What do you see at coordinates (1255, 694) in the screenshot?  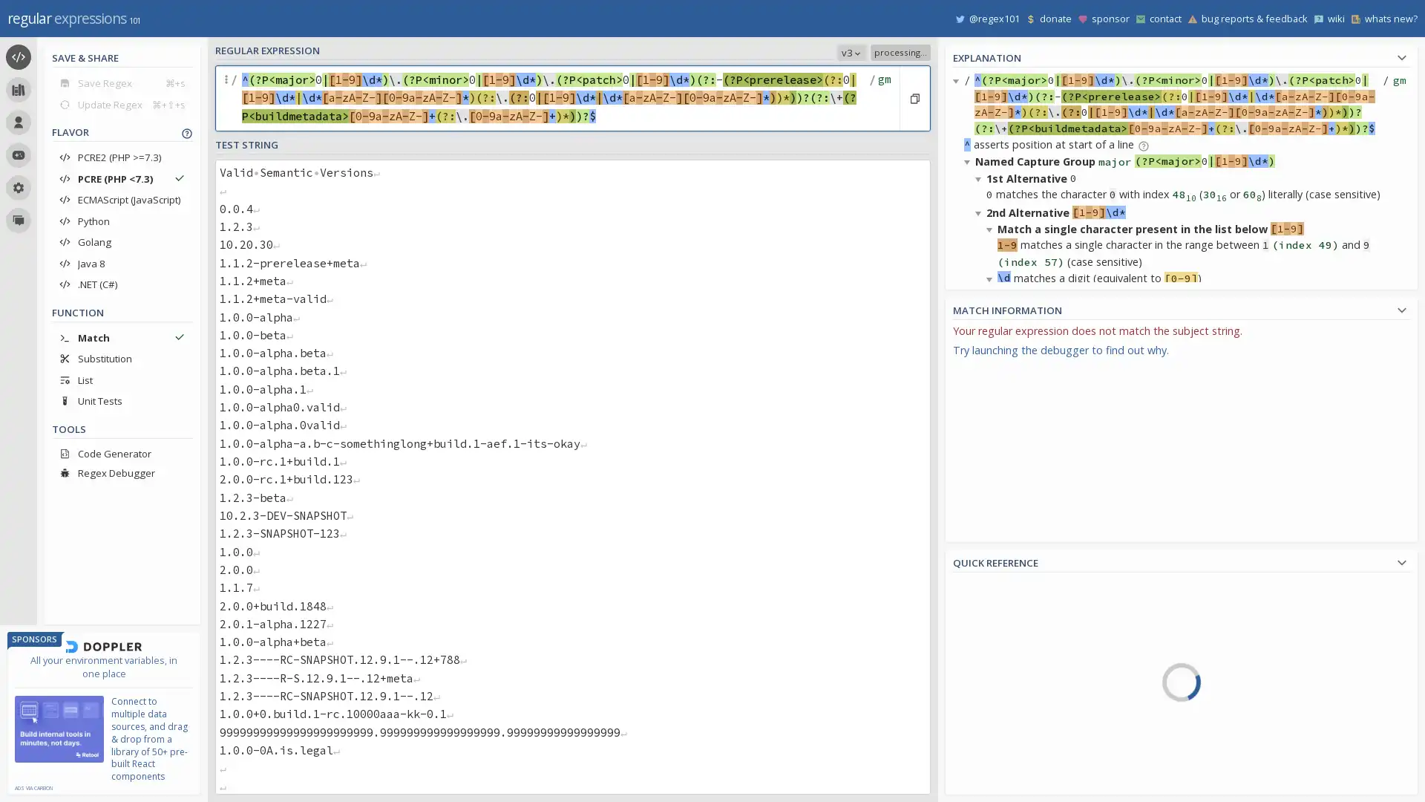 I see `Any single character .` at bounding box center [1255, 694].